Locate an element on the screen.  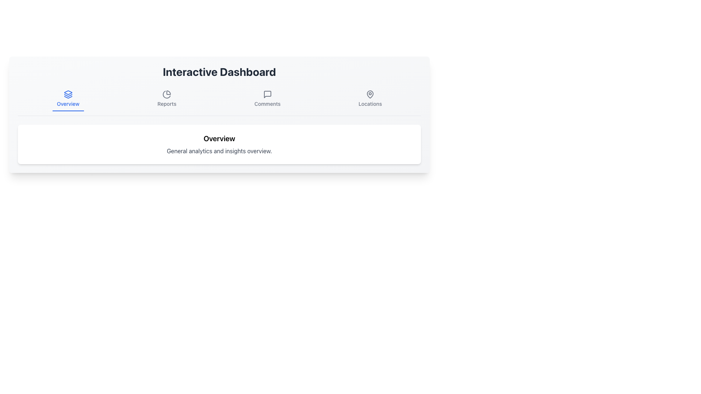
the third button from the left in the horizontal menu bar is located at coordinates (267, 99).